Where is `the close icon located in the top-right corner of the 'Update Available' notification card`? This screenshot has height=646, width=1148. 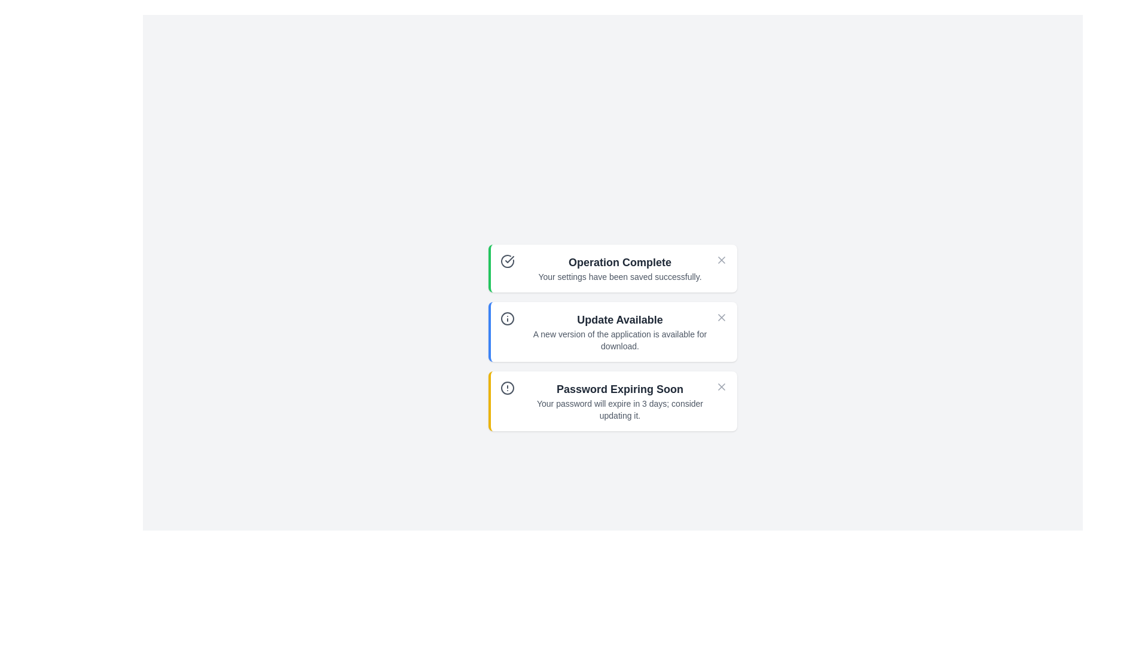 the close icon located in the top-right corner of the 'Update Available' notification card is located at coordinates (720, 317).